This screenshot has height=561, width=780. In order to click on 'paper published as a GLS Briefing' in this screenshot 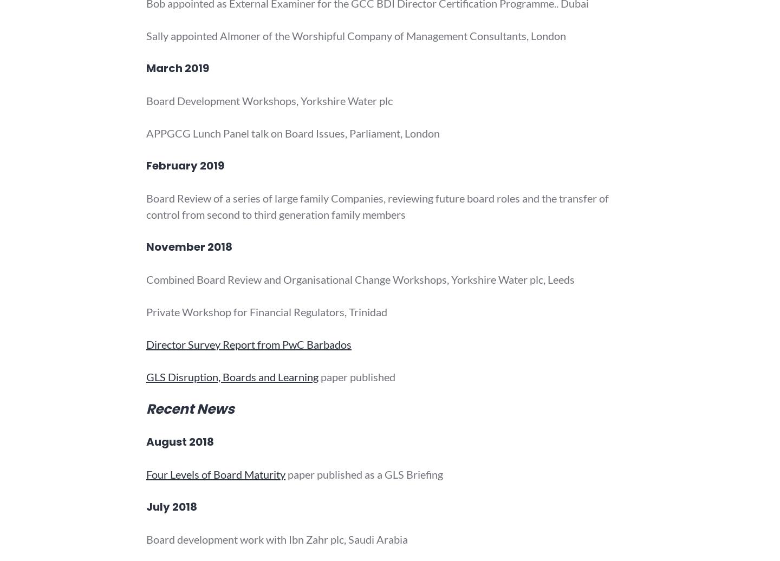, I will do `click(364, 474)`.